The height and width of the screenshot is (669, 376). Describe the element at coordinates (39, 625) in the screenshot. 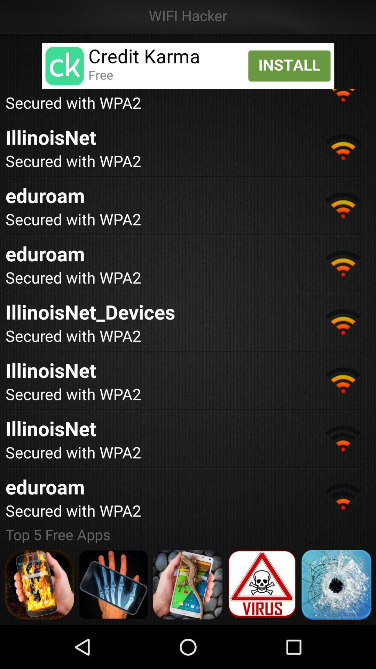

I see `the avatar icon` at that location.